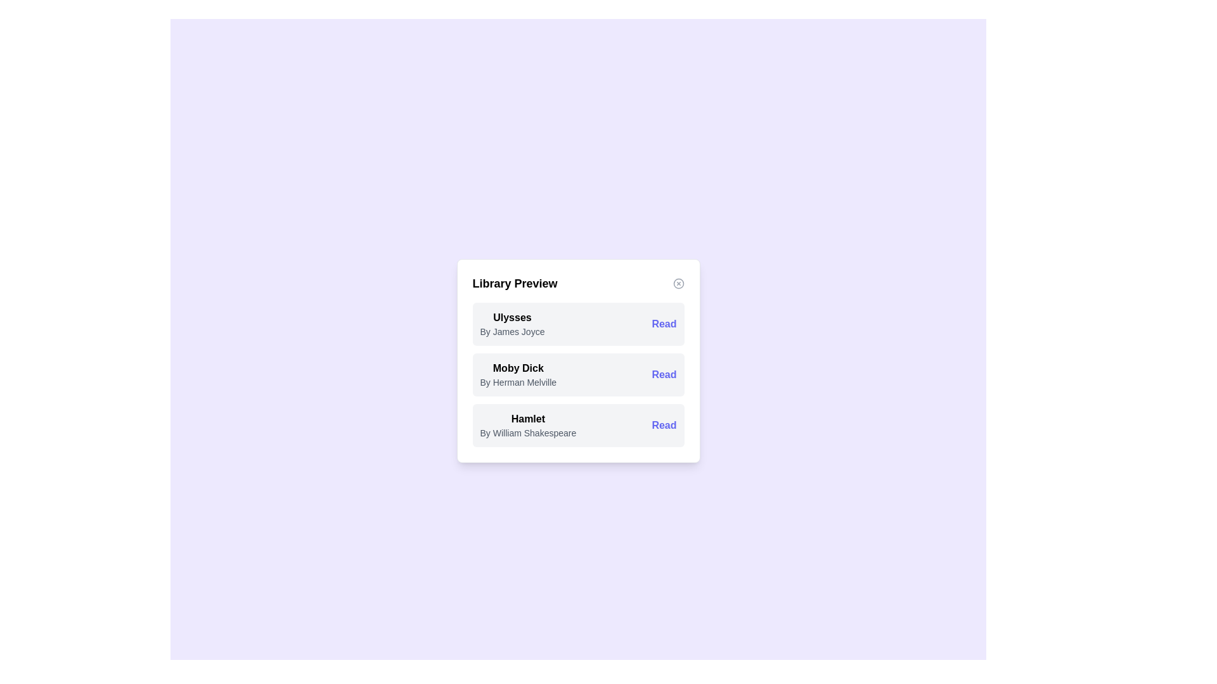 This screenshot has width=1217, height=684. Describe the element at coordinates (663, 374) in the screenshot. I see `'Read' button for the book titled 'Moby Dick'` at that location.